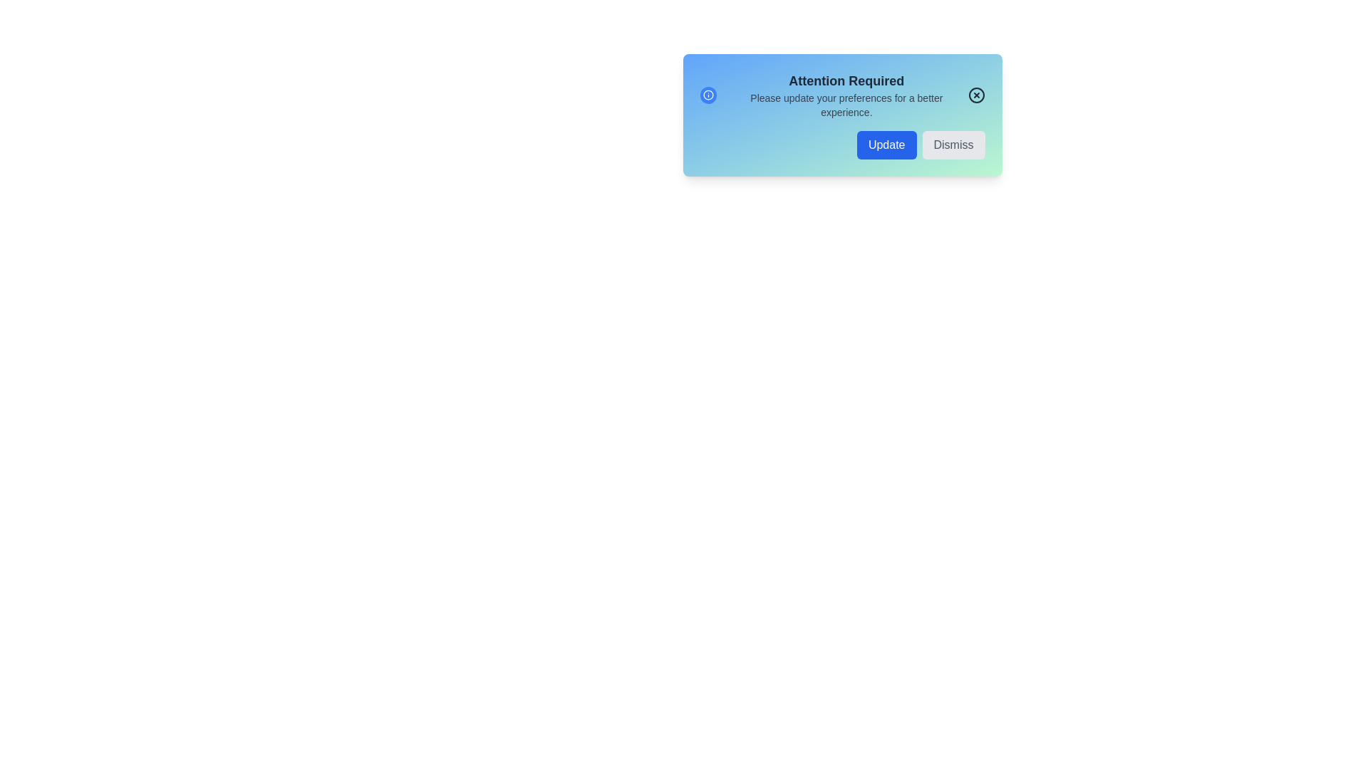 This screenshot has width=1368, height=769. What do you see at coordinates (975, 95) in the screenshot?
I see `the close icon to hide the notification` at bounding box center [975, 95].